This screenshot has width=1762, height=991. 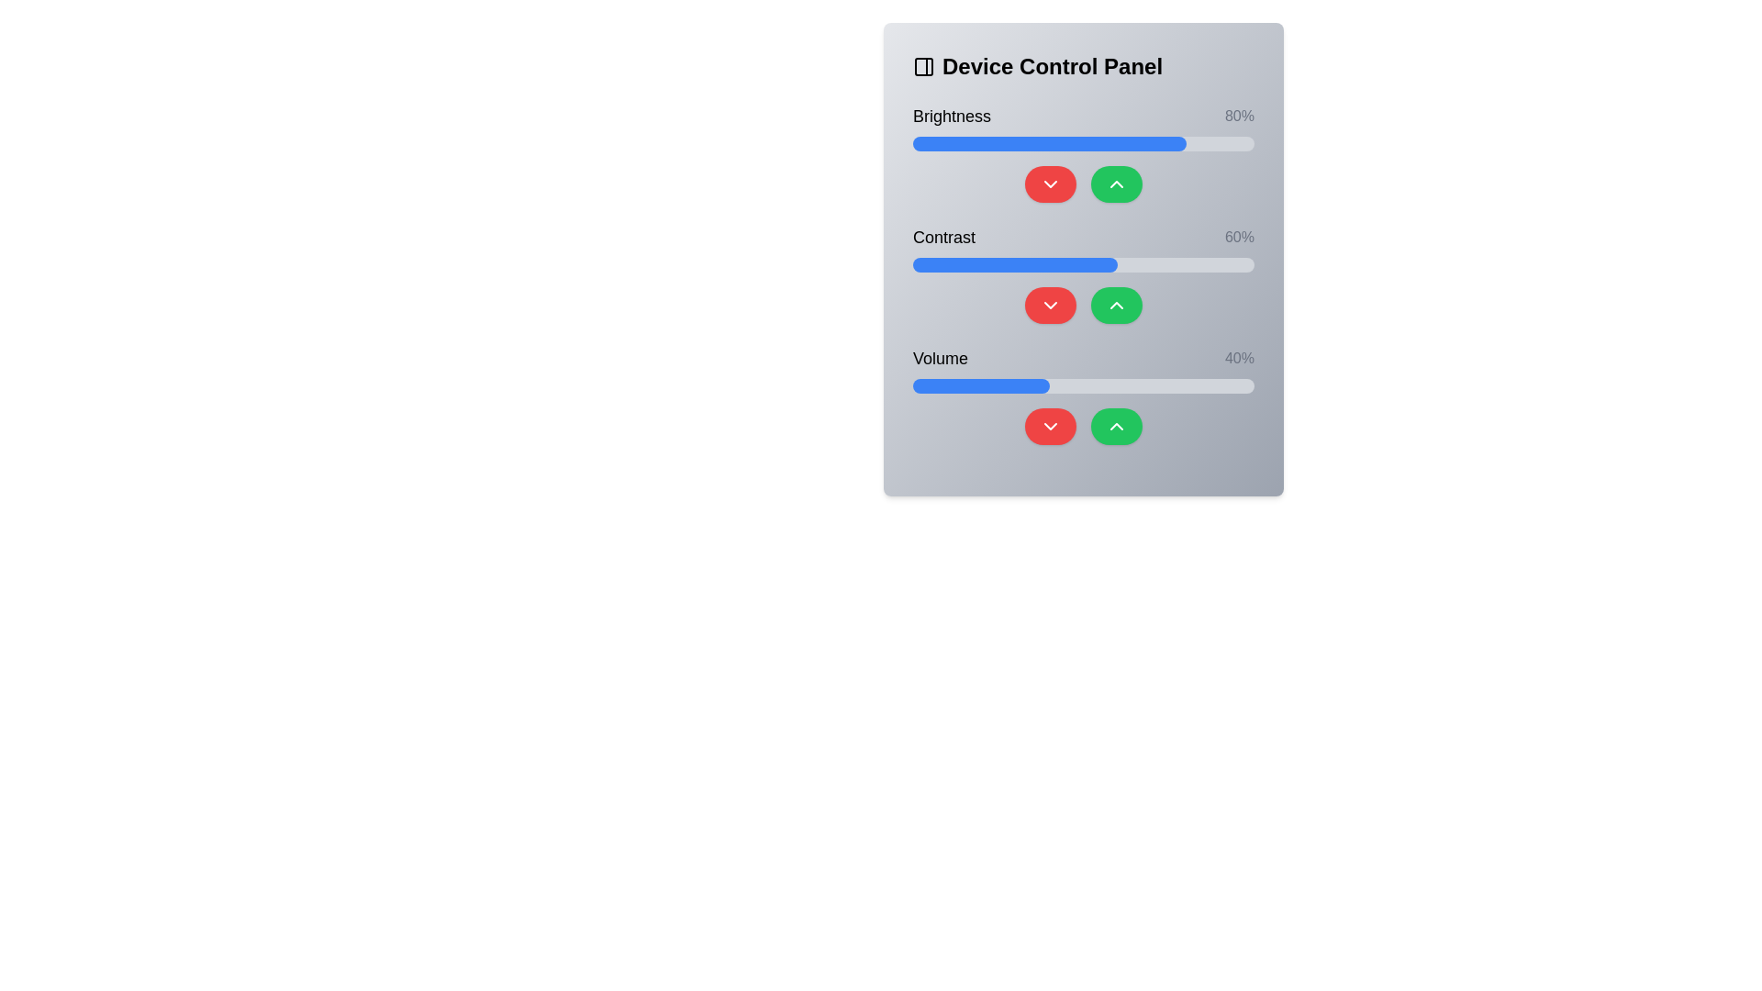 I want to click on the green button in the Brightness adjustment controls to increase brightness, so click(x=1083, y=184).